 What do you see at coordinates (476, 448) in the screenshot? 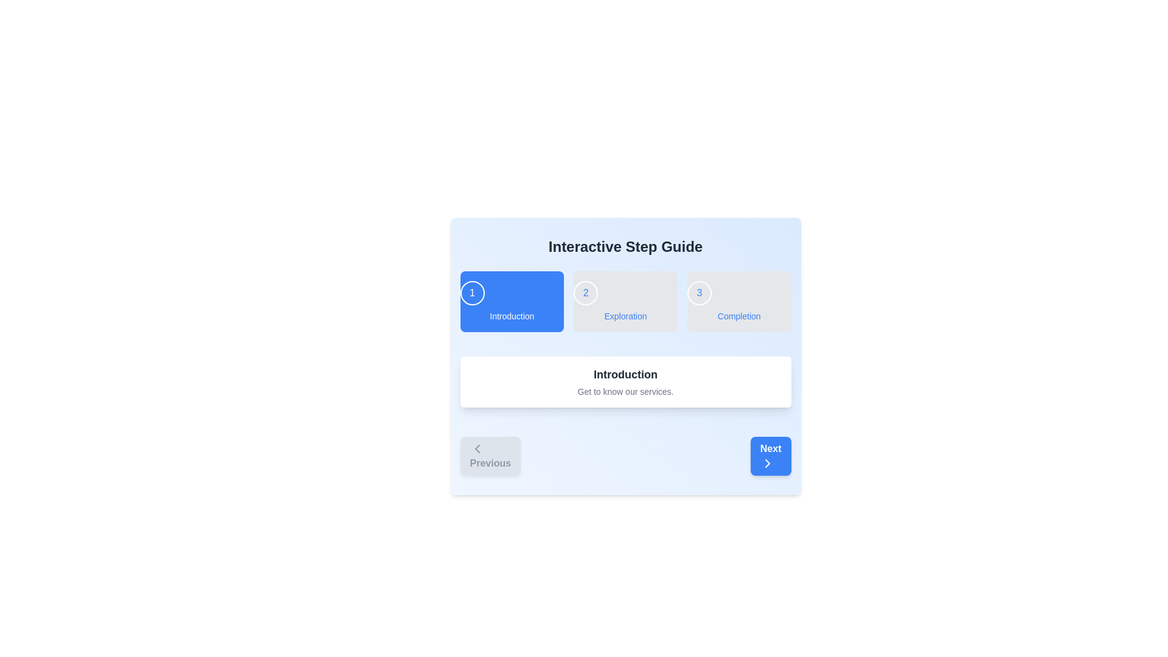
I see `the backward navigation icon located on the left side of the 'Previous' button` at bounding box center [476, 448].